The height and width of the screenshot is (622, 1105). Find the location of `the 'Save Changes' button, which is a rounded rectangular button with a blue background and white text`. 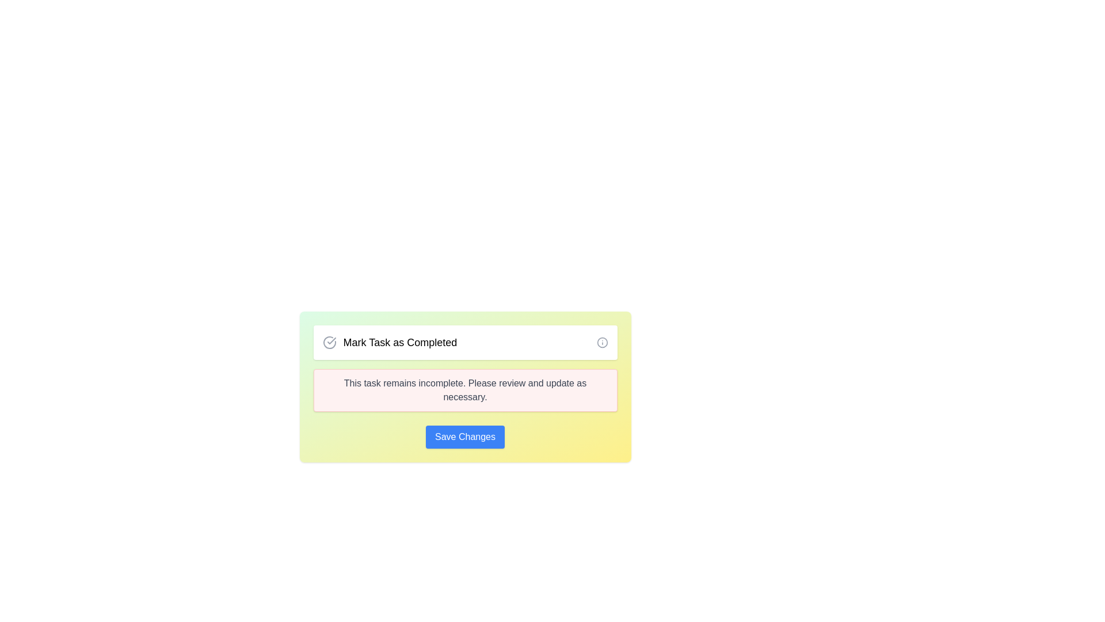

the 'Save Changes' button, which is a rounded rectangular button with a blue background and white text is located at coordinates (465, 437).